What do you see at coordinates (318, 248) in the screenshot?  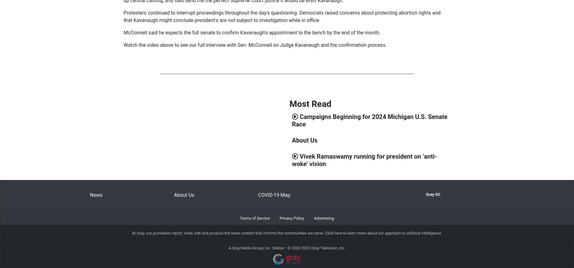 I see `'2002-2023 Gray Television, Inc.'` at bounding box center [318, 248].